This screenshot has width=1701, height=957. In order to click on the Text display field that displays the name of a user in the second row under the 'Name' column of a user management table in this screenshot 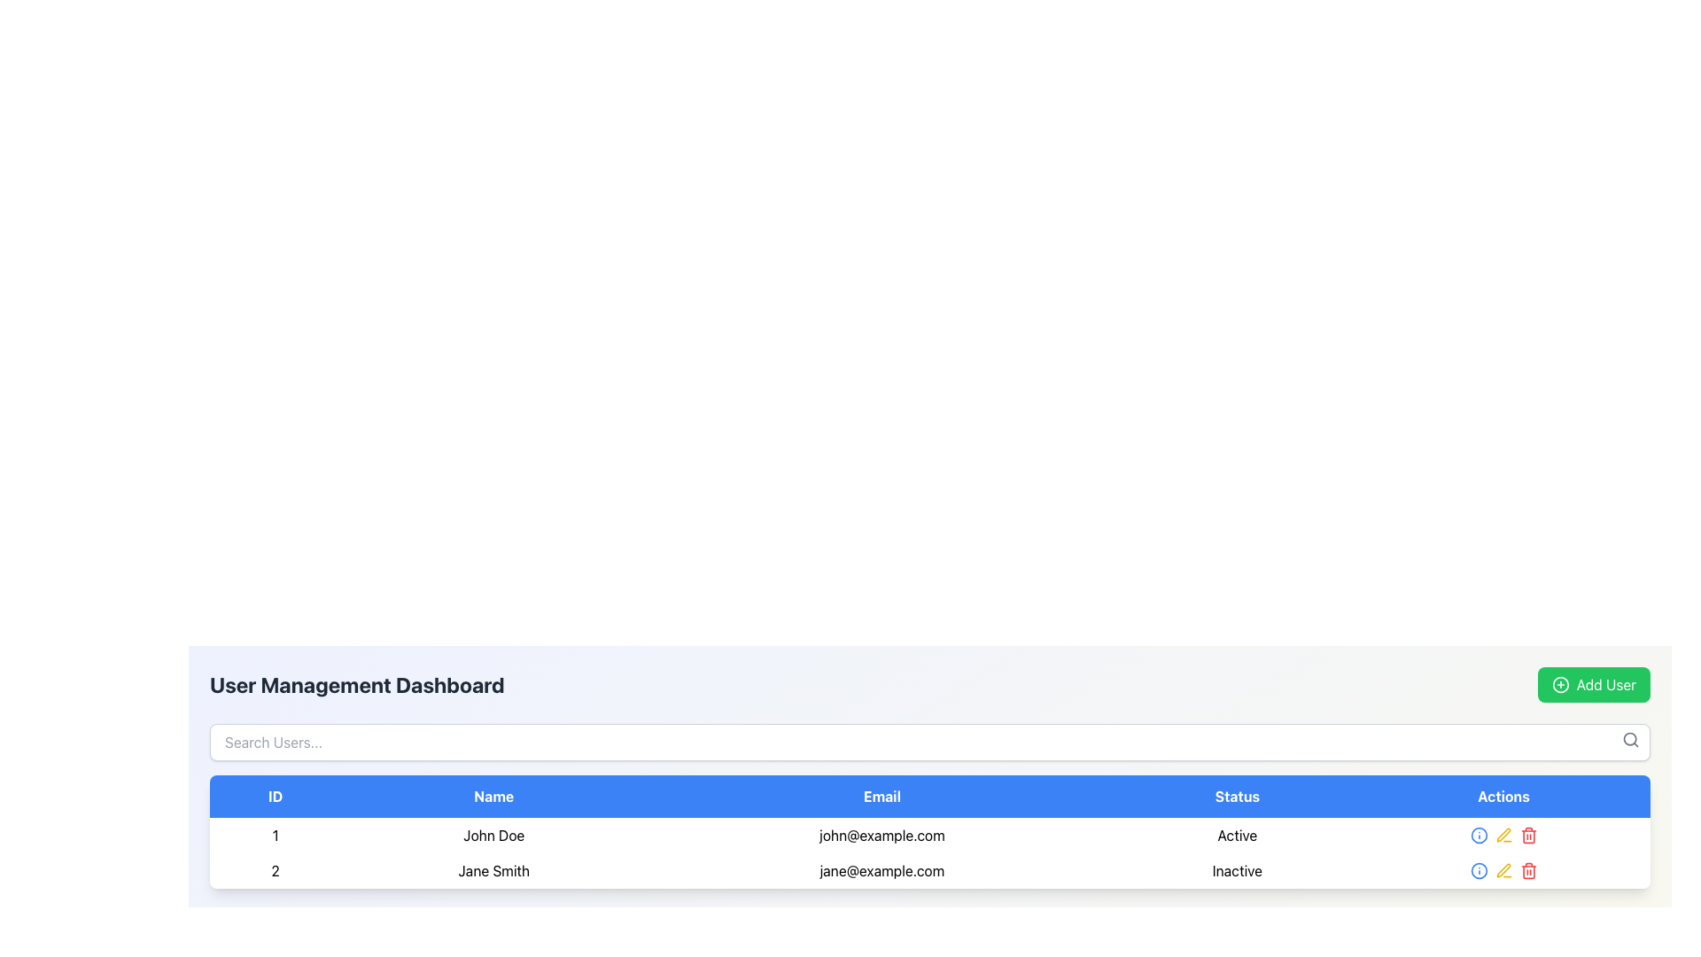, I will do `click(493, 870)`.